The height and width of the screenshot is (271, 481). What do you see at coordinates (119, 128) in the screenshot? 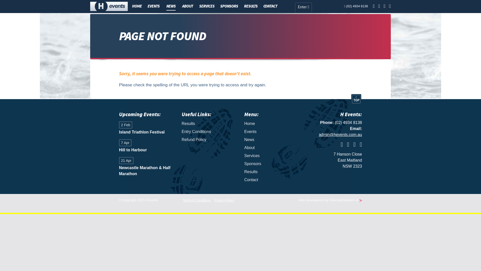
I see `'2 Feb` at bounding box center [119, 128].